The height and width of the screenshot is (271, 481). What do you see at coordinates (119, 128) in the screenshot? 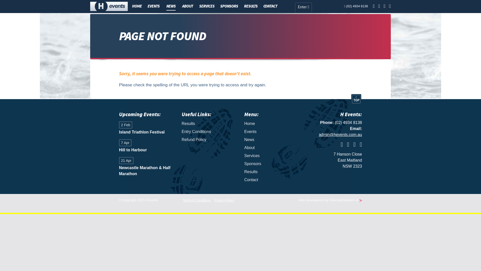
I see `'2 Feb` at bounding box center [119, 128].